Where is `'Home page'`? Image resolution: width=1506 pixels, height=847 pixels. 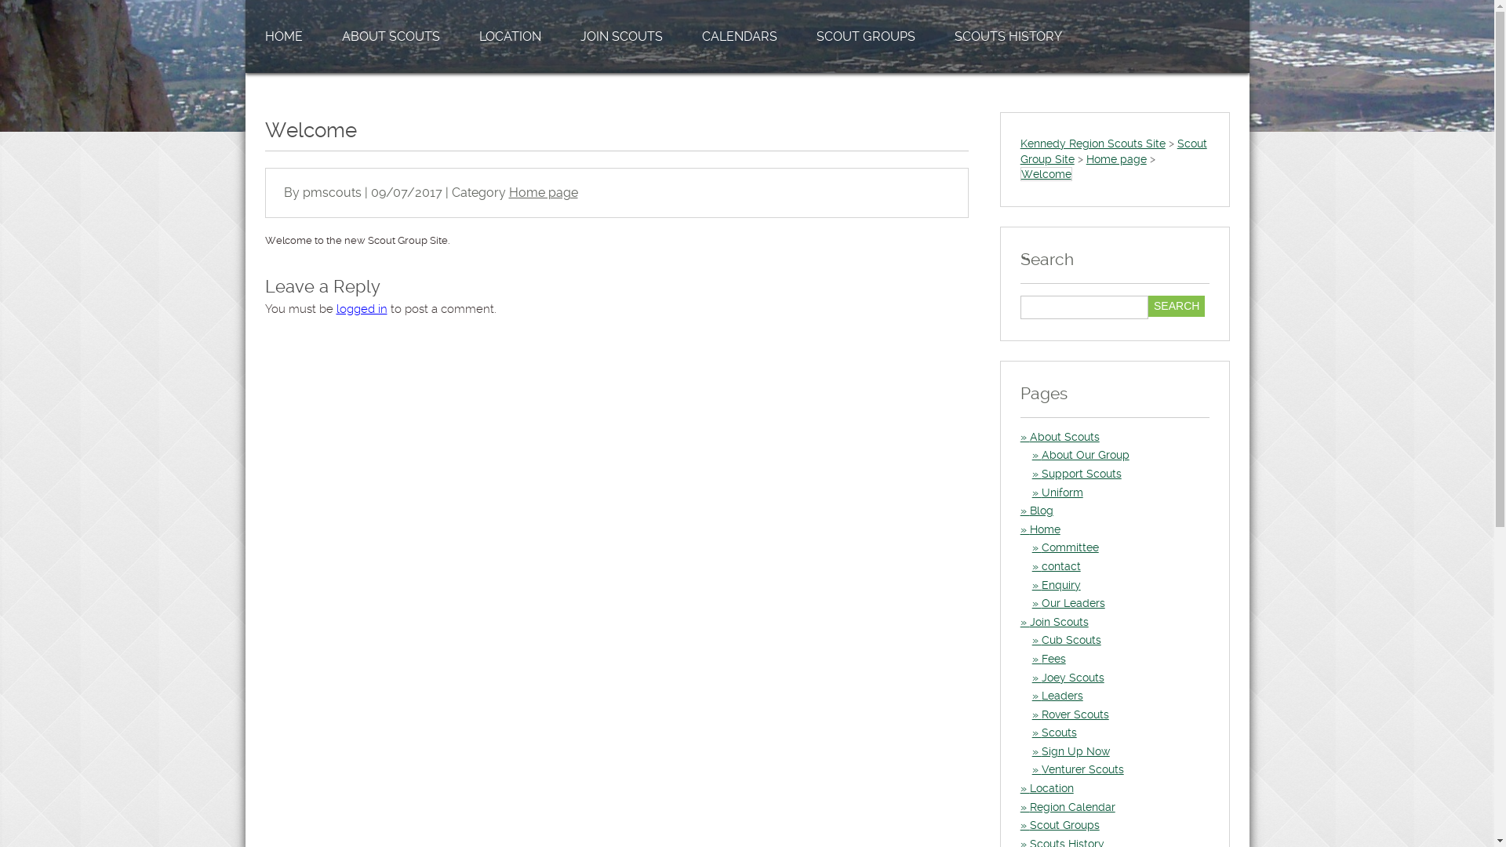 'Home page' is located at coordinates (542, 191).